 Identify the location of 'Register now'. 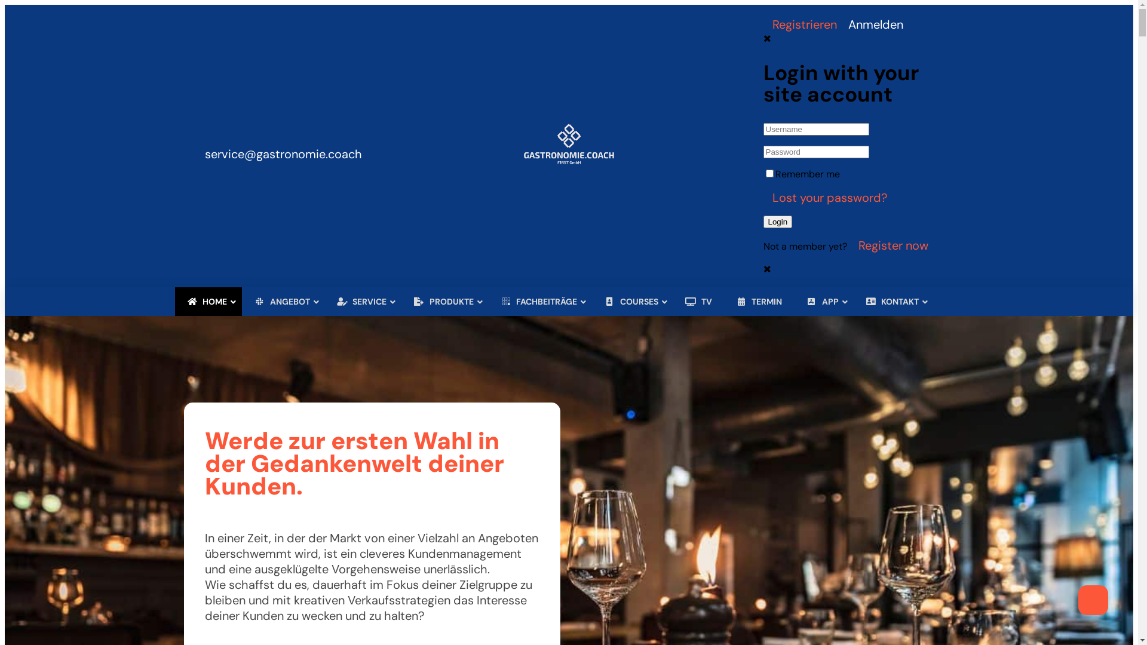
(890, 245).